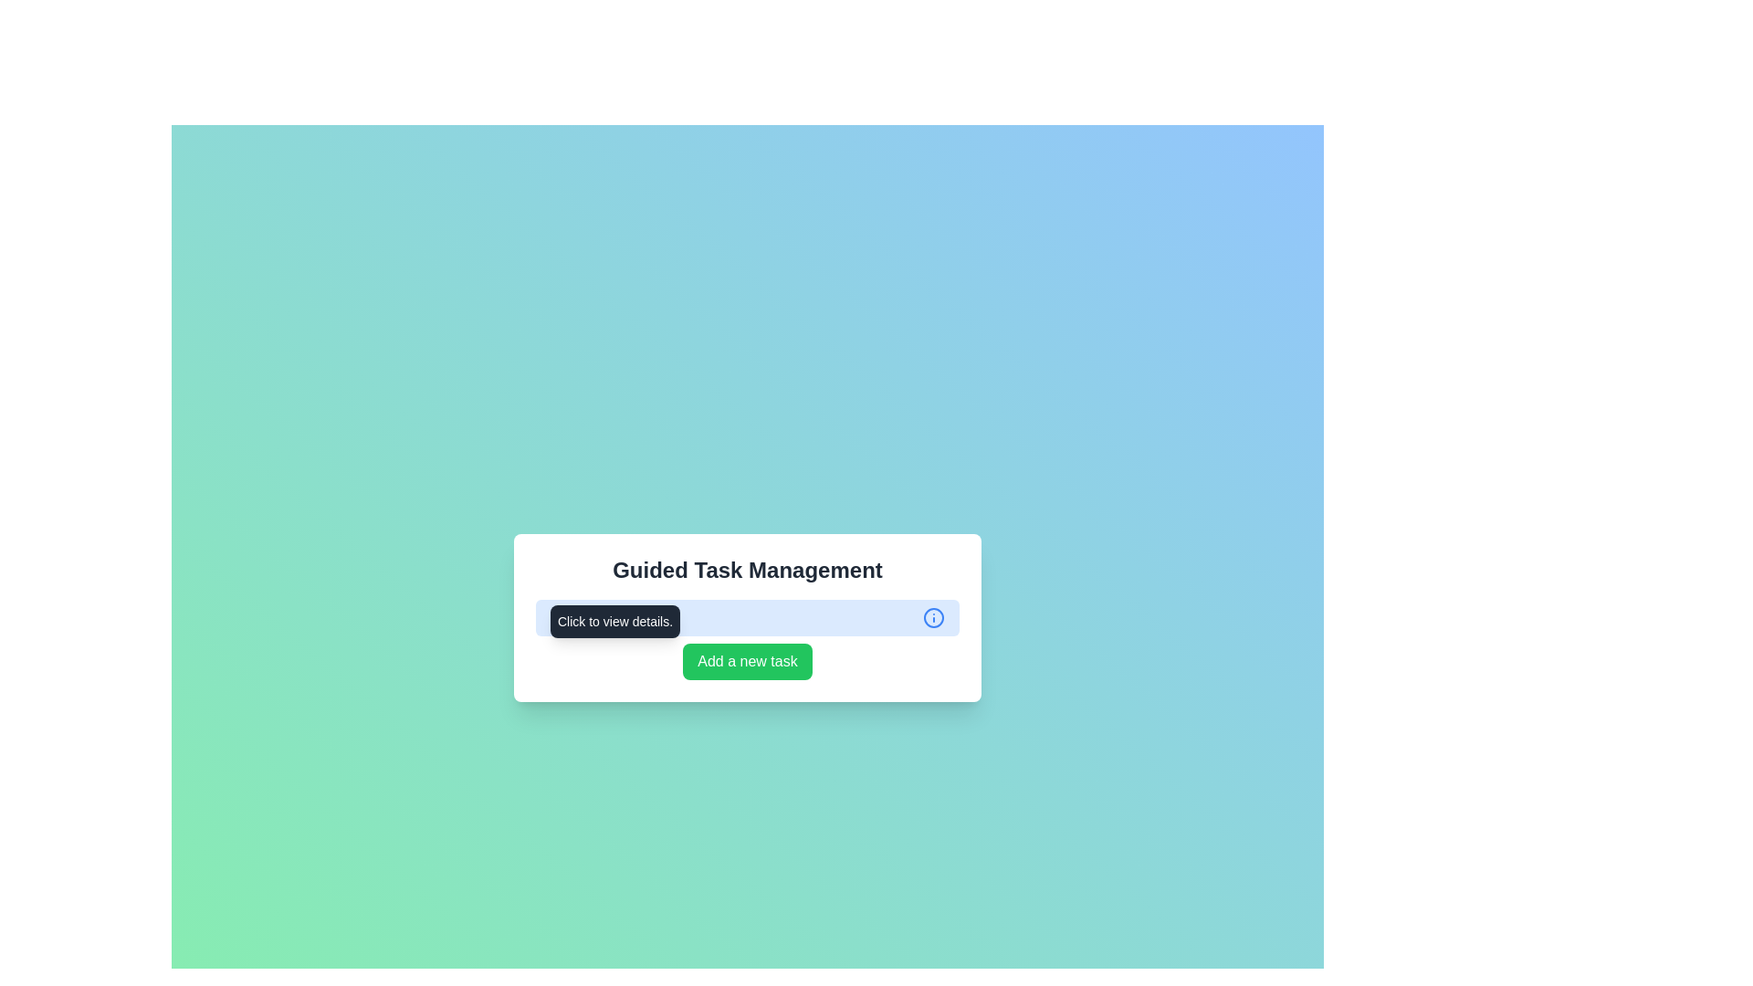  I want to click on the central circular element of the information icon located at the right side of the 'Click, so click(933, 617).